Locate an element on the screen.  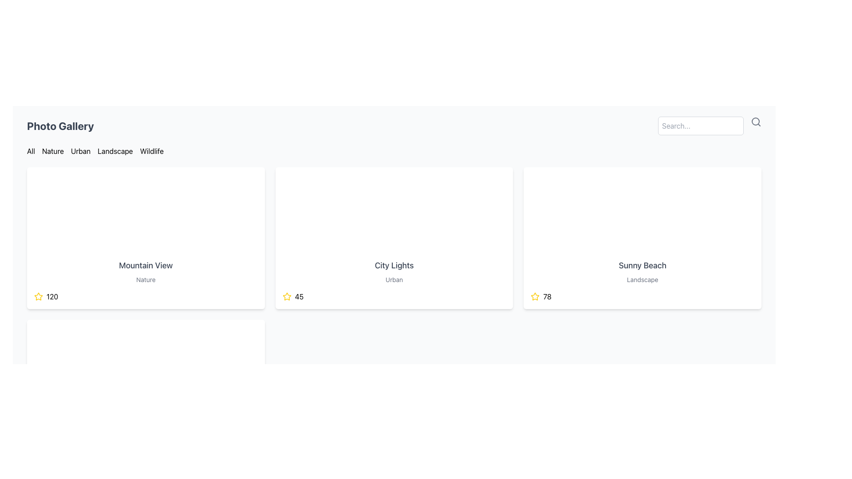
the small circle element that is part of the magnifying glass SVG icon located at the top-right of the interface is located at coordinates (755, 121).